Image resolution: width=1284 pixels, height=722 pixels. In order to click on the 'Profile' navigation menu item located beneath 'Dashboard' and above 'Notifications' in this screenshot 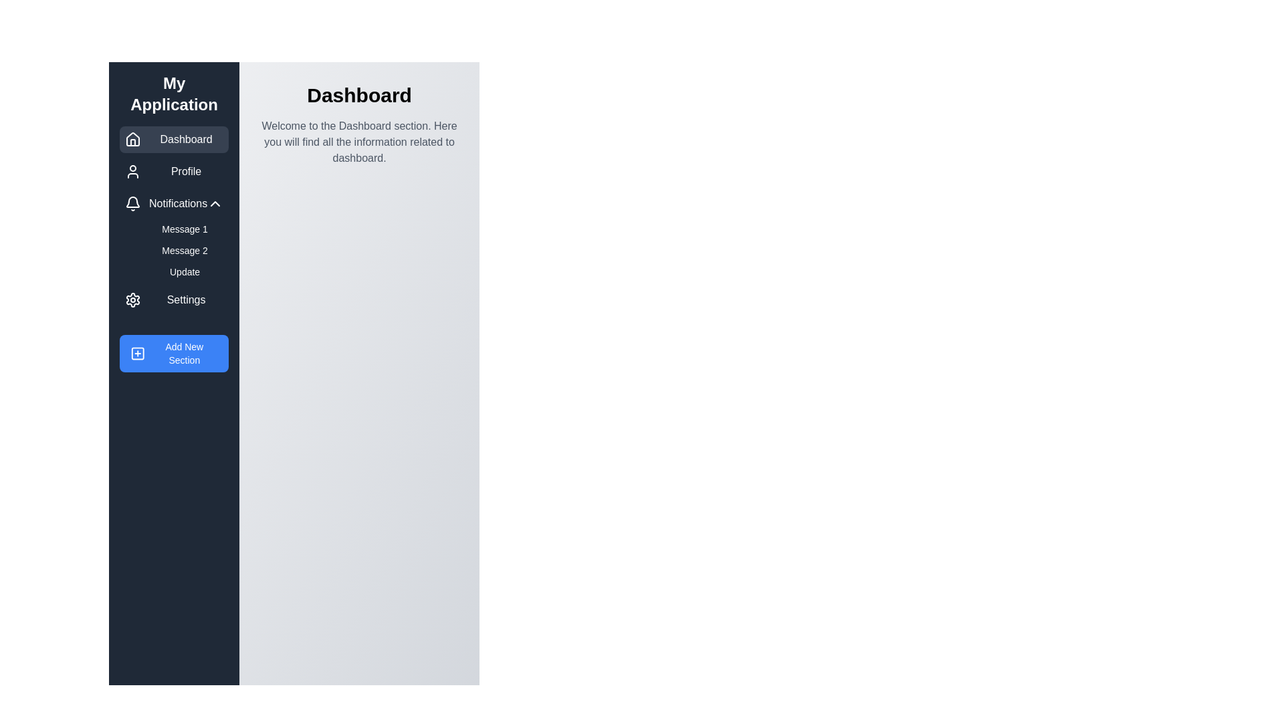, I will do `click(173, 171)`.